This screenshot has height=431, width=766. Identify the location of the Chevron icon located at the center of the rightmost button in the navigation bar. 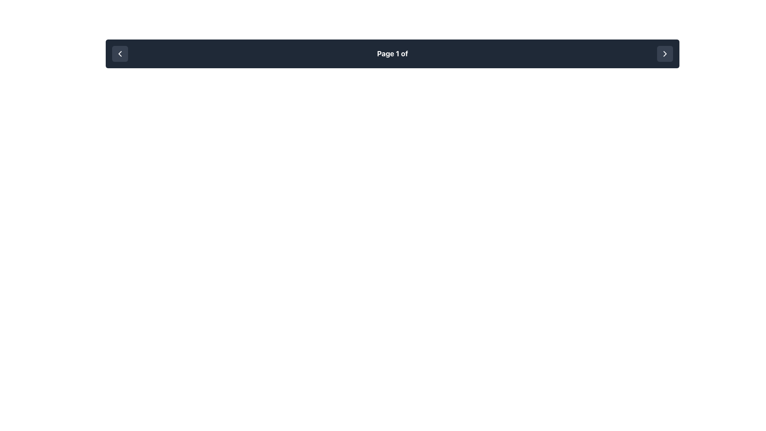
(665, 54).